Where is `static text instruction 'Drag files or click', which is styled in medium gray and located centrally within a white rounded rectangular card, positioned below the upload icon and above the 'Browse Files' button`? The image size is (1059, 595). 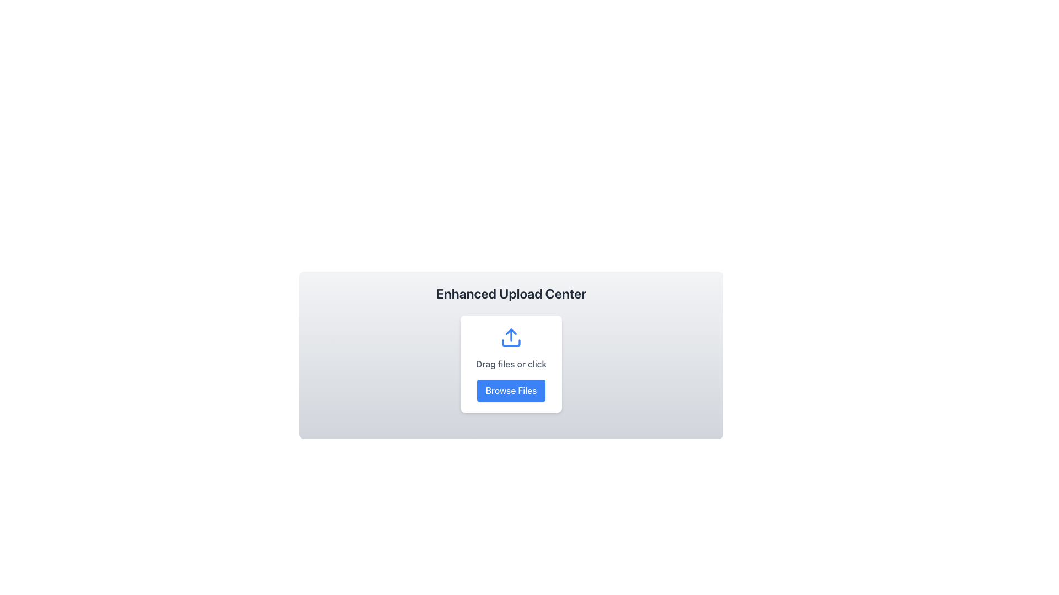 static text instruction 'Drag files or click', which is styled in medium gray and located centrally within a white rounded rectangular card, positioned below the upload icon and above the 'Browse Files' button is located at coordinates (510, 364).